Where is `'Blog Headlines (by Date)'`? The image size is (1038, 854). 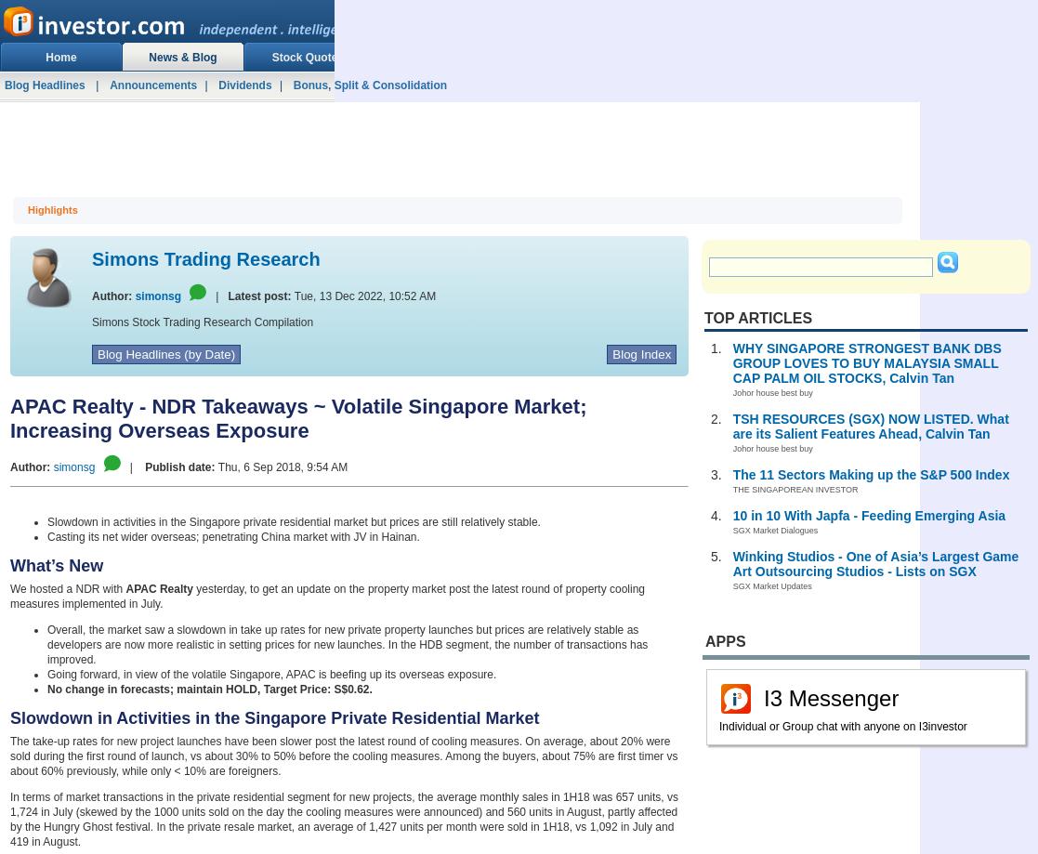
'Blog Headlines (by Date)' is located at coordinates (166, 354).